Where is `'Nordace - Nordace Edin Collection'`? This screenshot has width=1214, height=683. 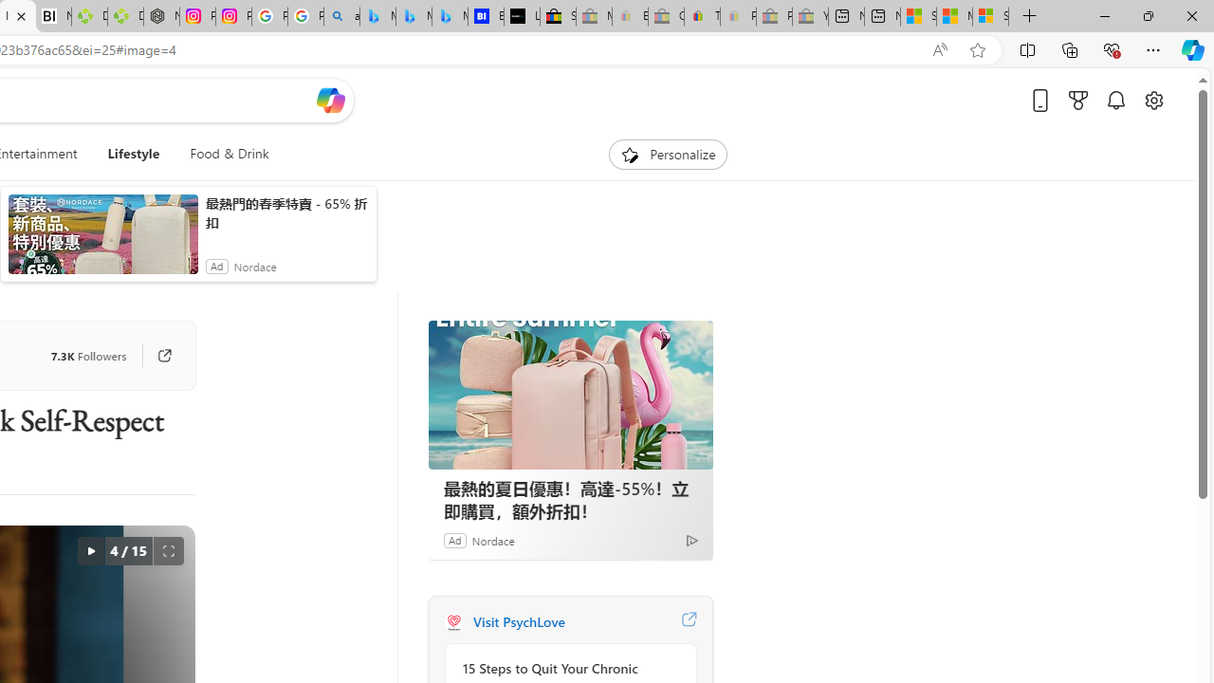
'Nordace - Nordace Edin Collection' is located at coordinates (161, 16).